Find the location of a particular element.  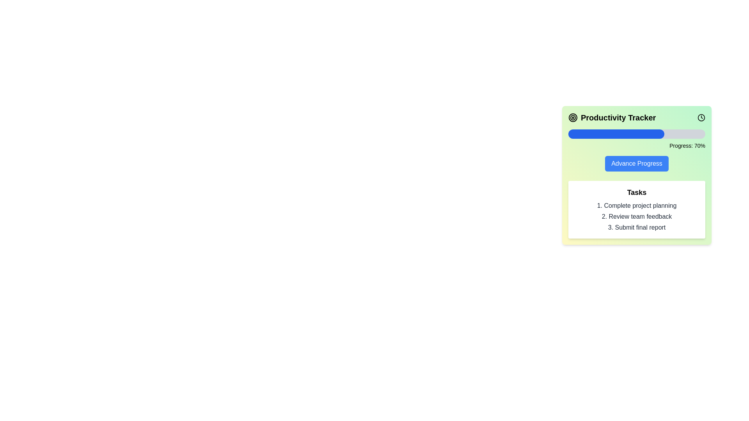

the text label reading '1. Complete project planning' which is the first item in the 'Tasks' section of the Productivity Tracker card is located at coordinates (637, 205).